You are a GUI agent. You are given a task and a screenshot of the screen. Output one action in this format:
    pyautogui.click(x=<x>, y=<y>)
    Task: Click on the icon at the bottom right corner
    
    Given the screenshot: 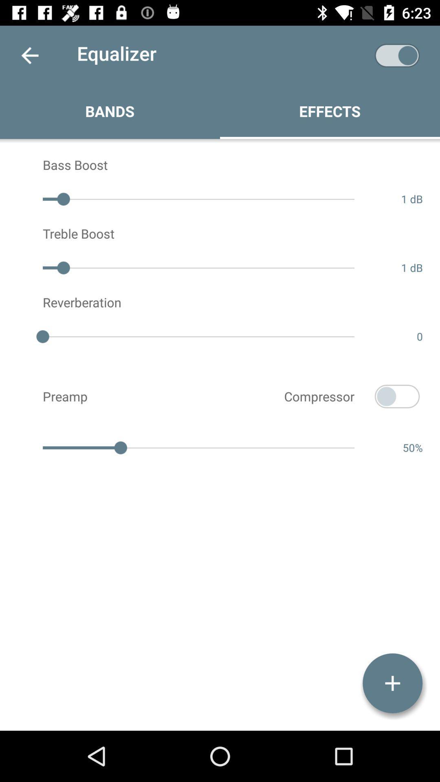 What is the action you would take?
    pyautogui.click(x=392, y=683)
    